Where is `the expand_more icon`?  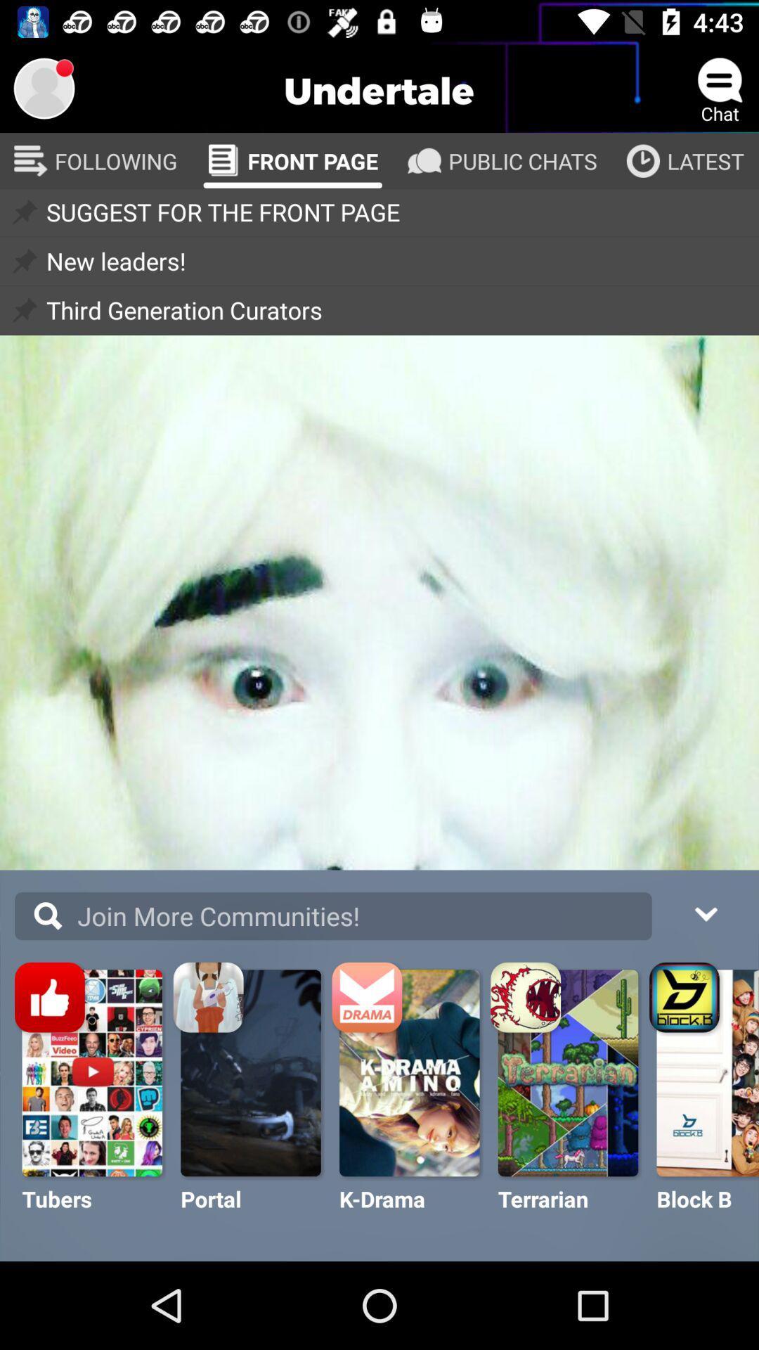 the expand_more icon is located at coordinates (705, 912).